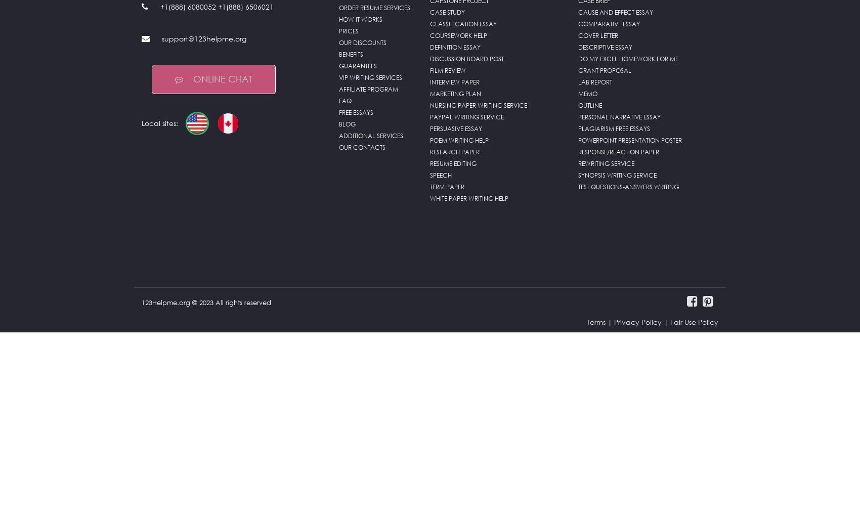  What do you see at coordinates (459, 140) in the screenshot?
I see `'Poem Writing Help'` at bounding box center [459, 140].